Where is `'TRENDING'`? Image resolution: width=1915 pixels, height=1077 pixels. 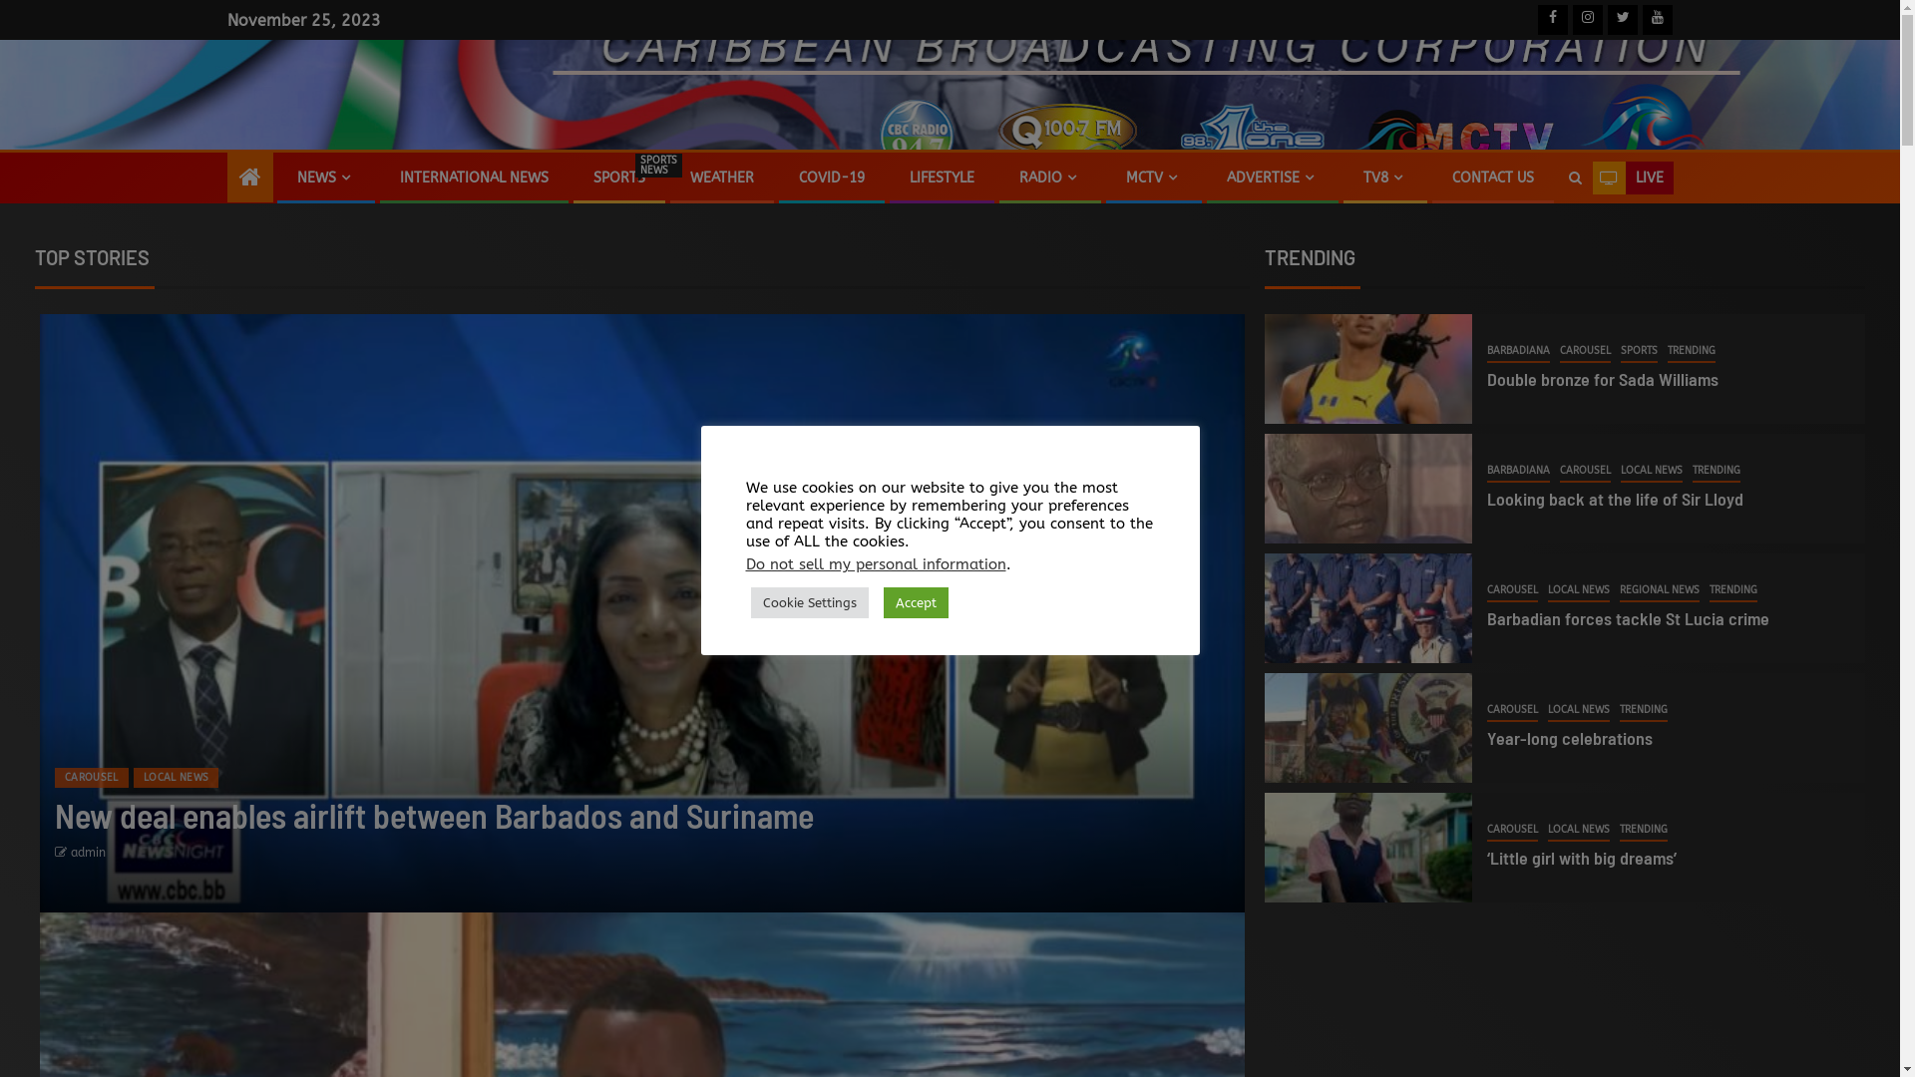 'TRENDING' is located at coordinates (1716, 472).